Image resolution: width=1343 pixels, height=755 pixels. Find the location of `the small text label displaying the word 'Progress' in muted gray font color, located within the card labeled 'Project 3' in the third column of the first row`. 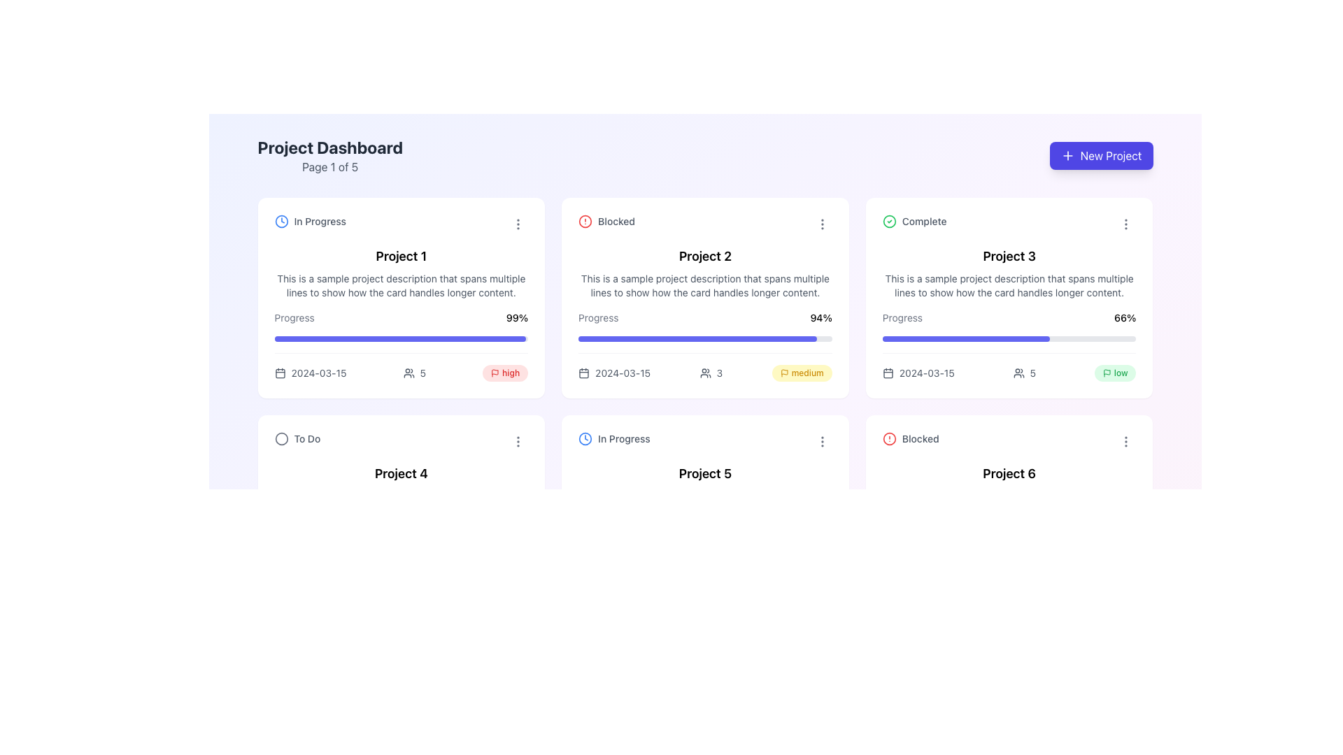

the small text label displaying the word 'Progress' in muted gray font color, located within the card labeled 'Project 3' in the third column of the first row is located at coordinates (902, 318).